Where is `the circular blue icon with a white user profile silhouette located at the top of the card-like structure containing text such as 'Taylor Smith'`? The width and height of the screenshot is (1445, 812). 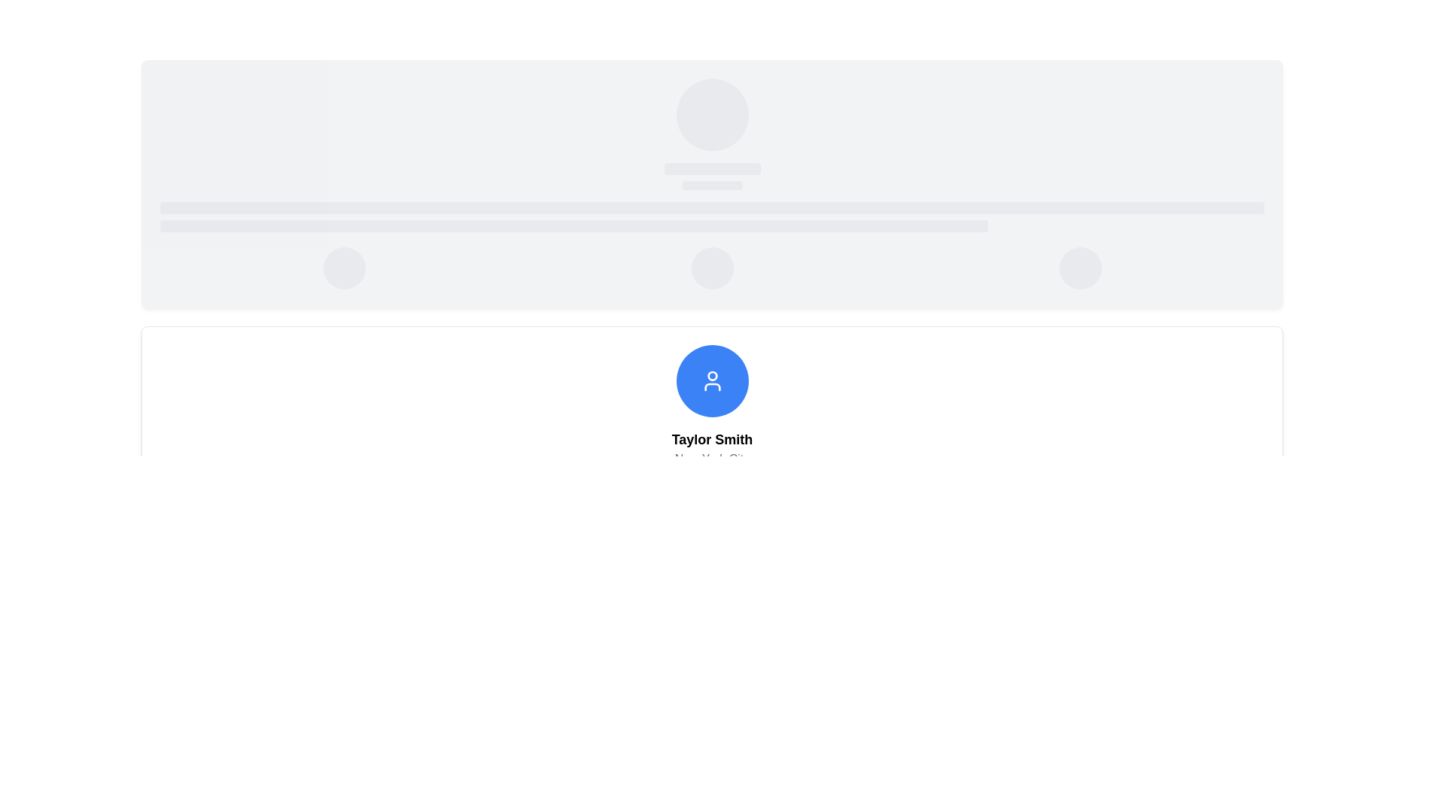 the circular blue icon with a white user profile silhouette located at the top of the card-like structure containing text such as 'Taylor Smith' is located at coordinates (711, 380).